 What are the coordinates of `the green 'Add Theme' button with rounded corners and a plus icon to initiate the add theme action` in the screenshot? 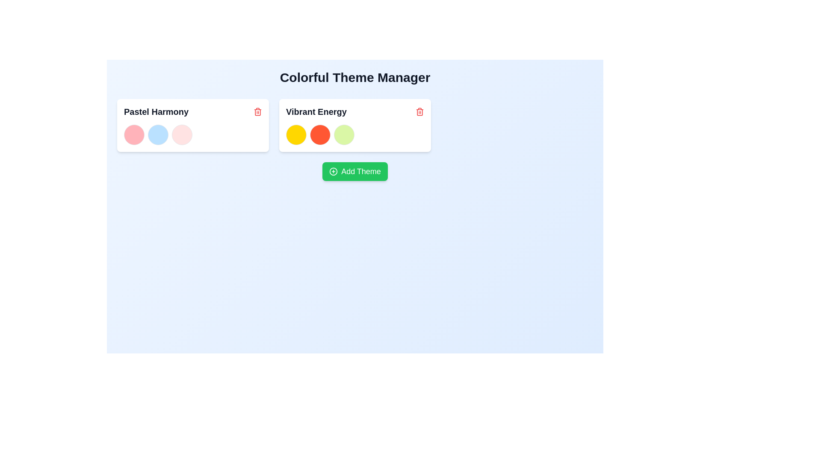 It's located at (355, 171).